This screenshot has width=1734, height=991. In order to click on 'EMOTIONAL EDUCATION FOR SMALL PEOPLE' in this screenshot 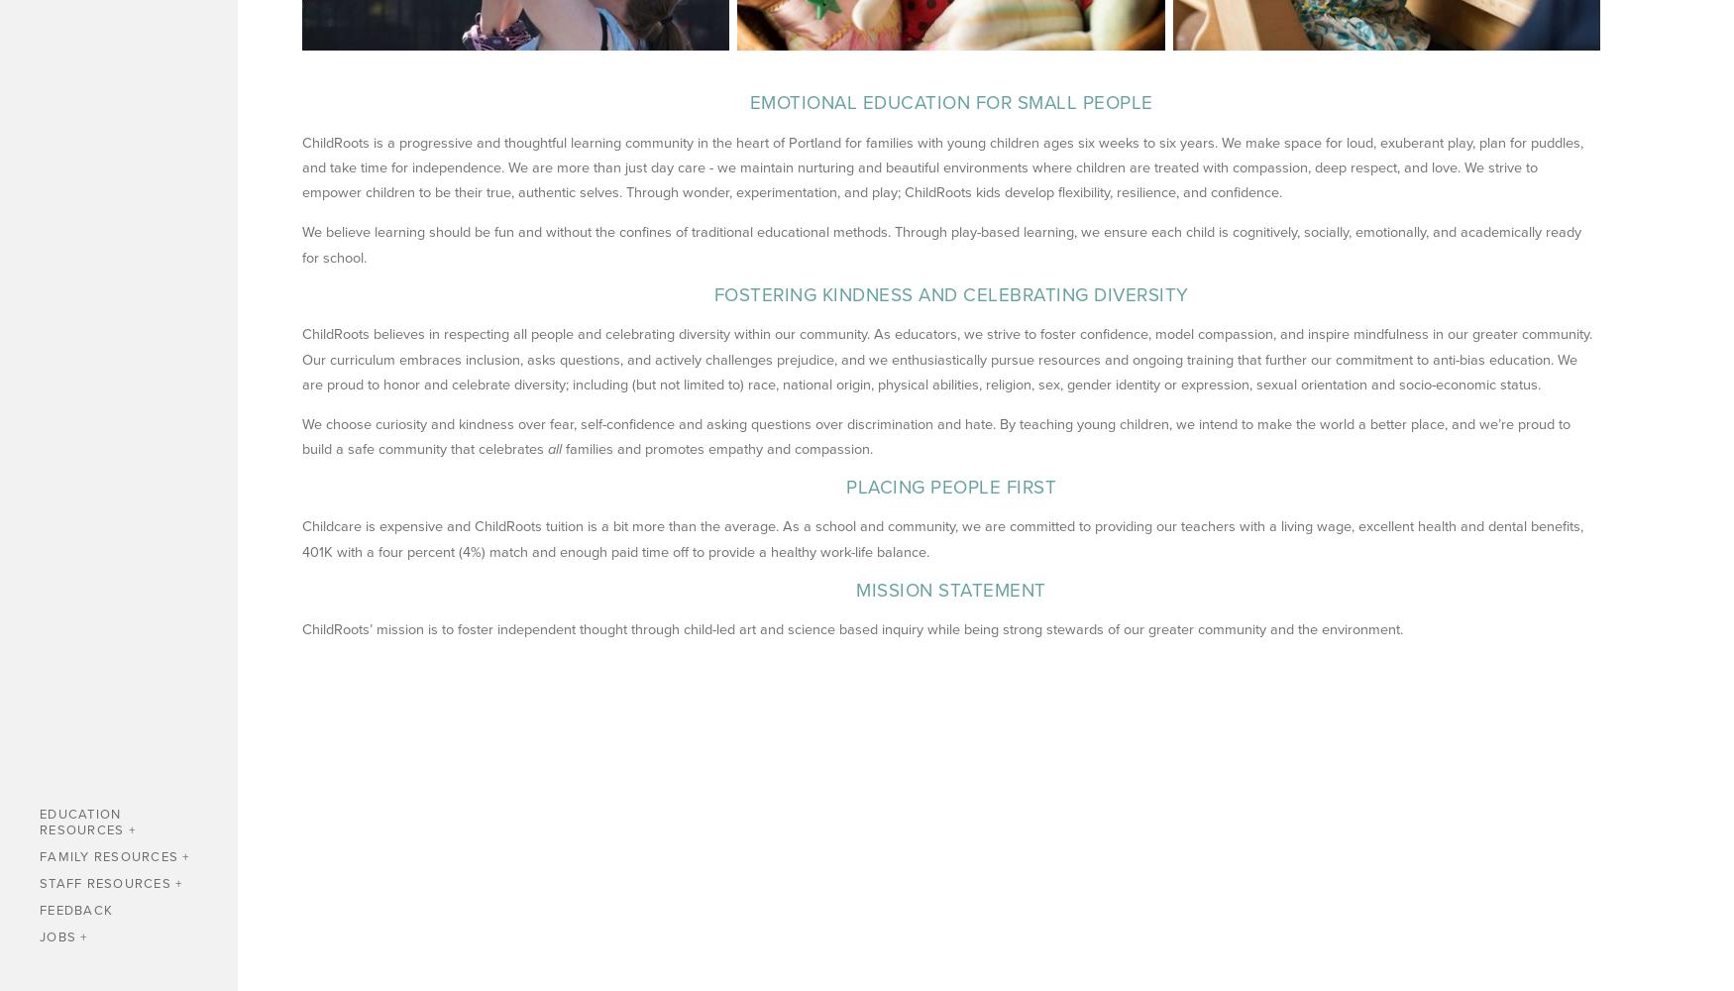, I will do `click(950, 102)`.